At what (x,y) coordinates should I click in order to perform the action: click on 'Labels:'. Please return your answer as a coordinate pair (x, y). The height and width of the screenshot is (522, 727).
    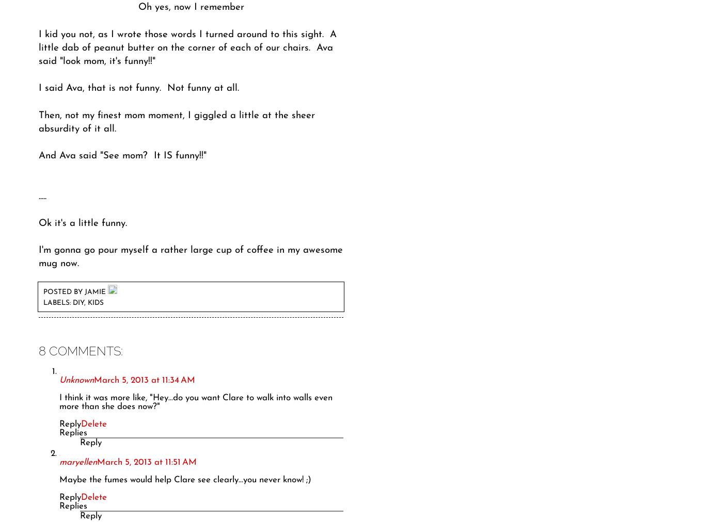
    Looking at the image, I should click on (58, 302).